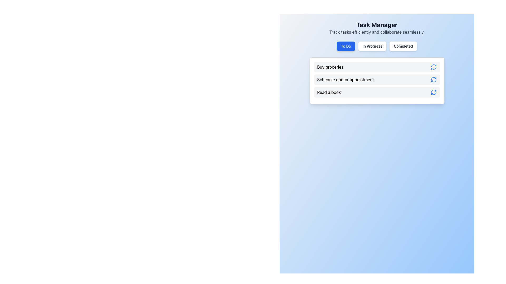 The width and height of the screenshot is (506, 284). What do you see at coordinates (346, 46) in the screenshot?
I see `the 'To Do' tab button, which is the first of three horizontally aligned buttons at the top section of the interface` at bounding box center [346, 46].